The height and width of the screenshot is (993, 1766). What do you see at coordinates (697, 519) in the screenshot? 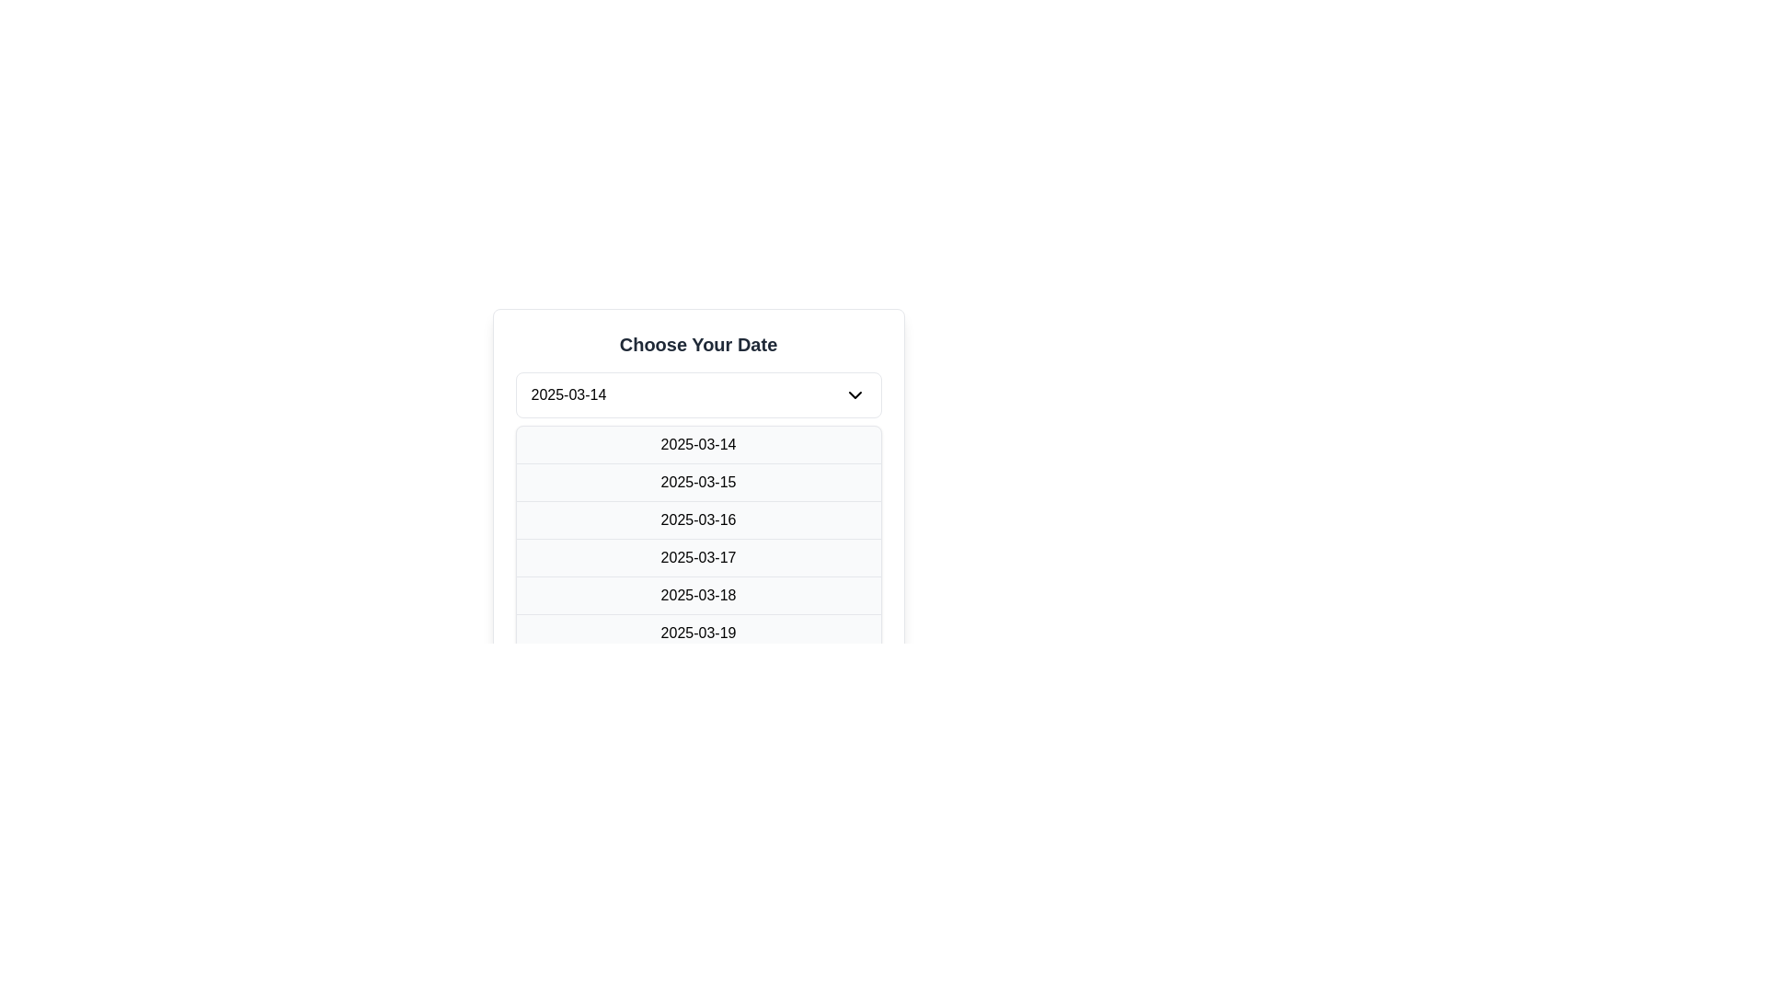
I see `the date '2025-03-16' from the dropdown list by clicking on it` at bounding box center [697, 519].